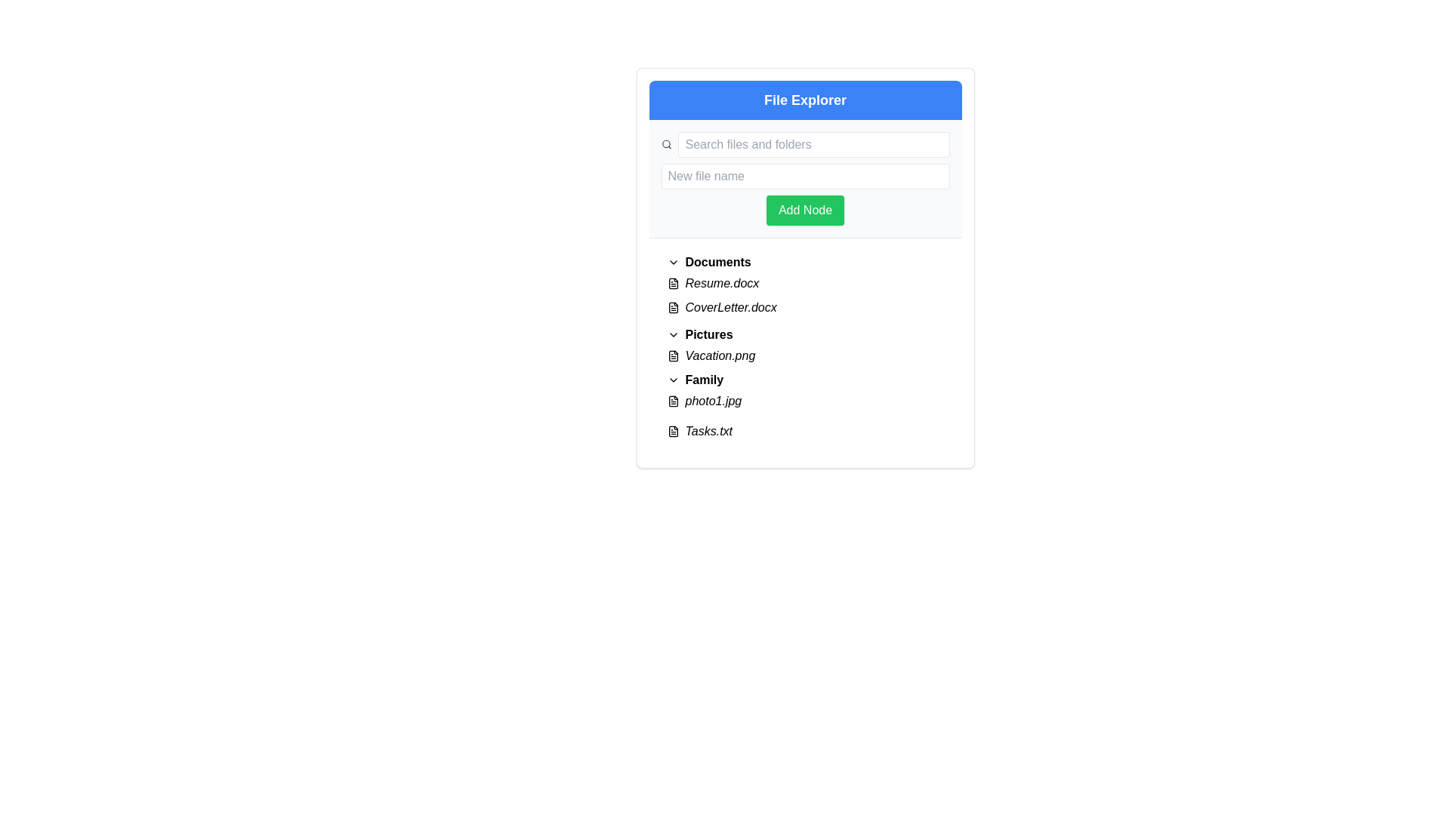 Image resolution: width=1450 pixels, height=815 pixels. I want to click on the text label indicating the folder name 'Pictures' in the file explorer interface, so click(708, 334).